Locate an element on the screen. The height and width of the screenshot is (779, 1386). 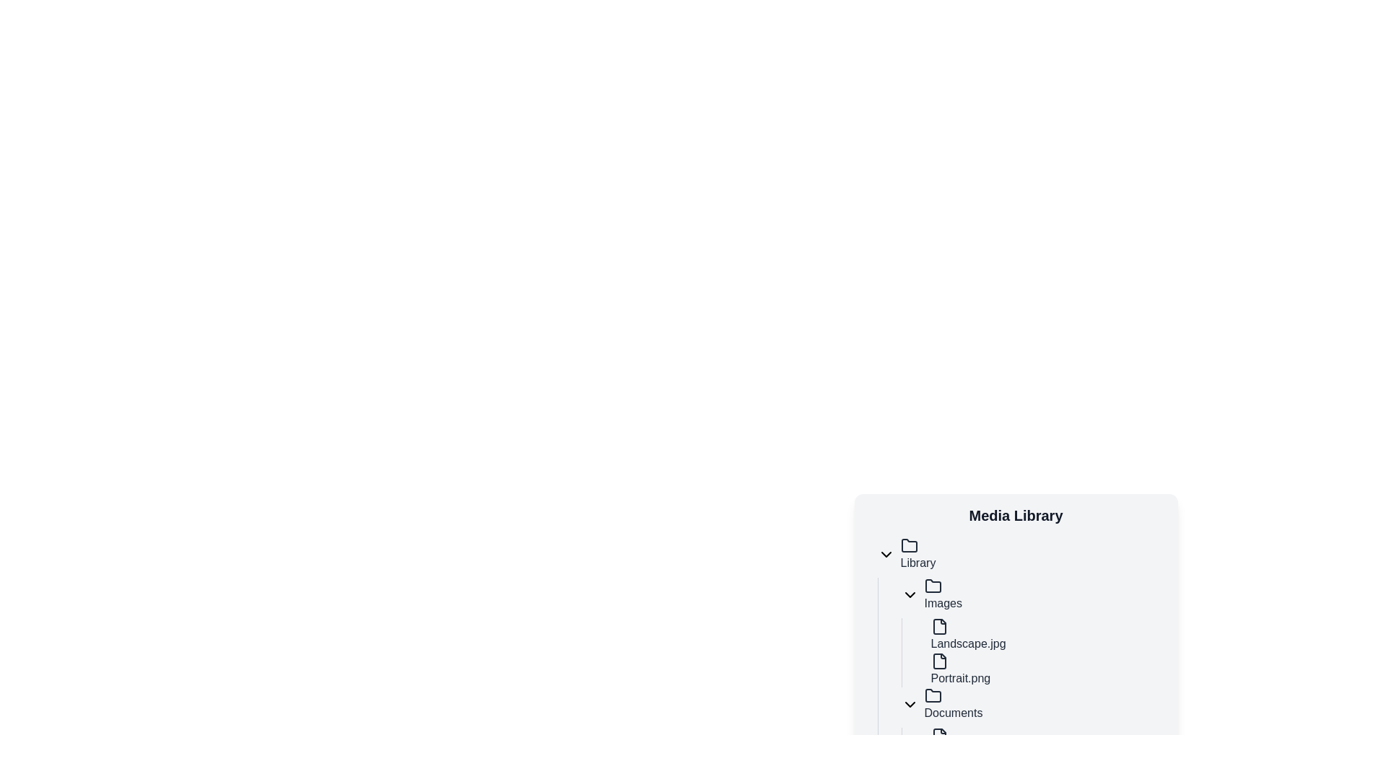
the Chevron-Down icon, which is a black stroke down arrow located to the left of the text 'Documents' is located at coordinates (909, 703).